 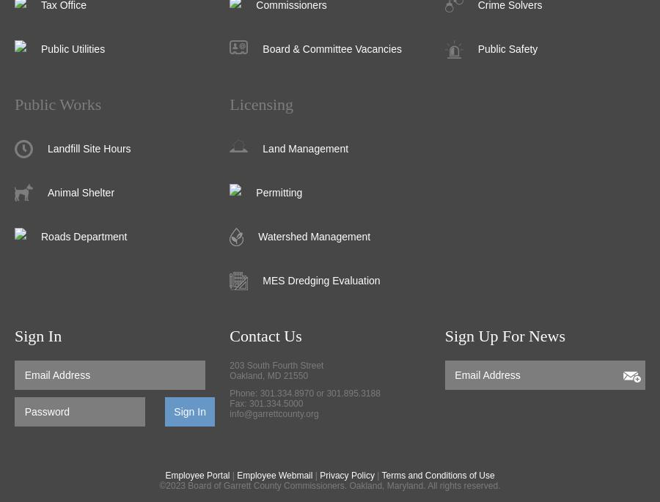 I want to click on 'Contact Us', so click(x=265, y=336).